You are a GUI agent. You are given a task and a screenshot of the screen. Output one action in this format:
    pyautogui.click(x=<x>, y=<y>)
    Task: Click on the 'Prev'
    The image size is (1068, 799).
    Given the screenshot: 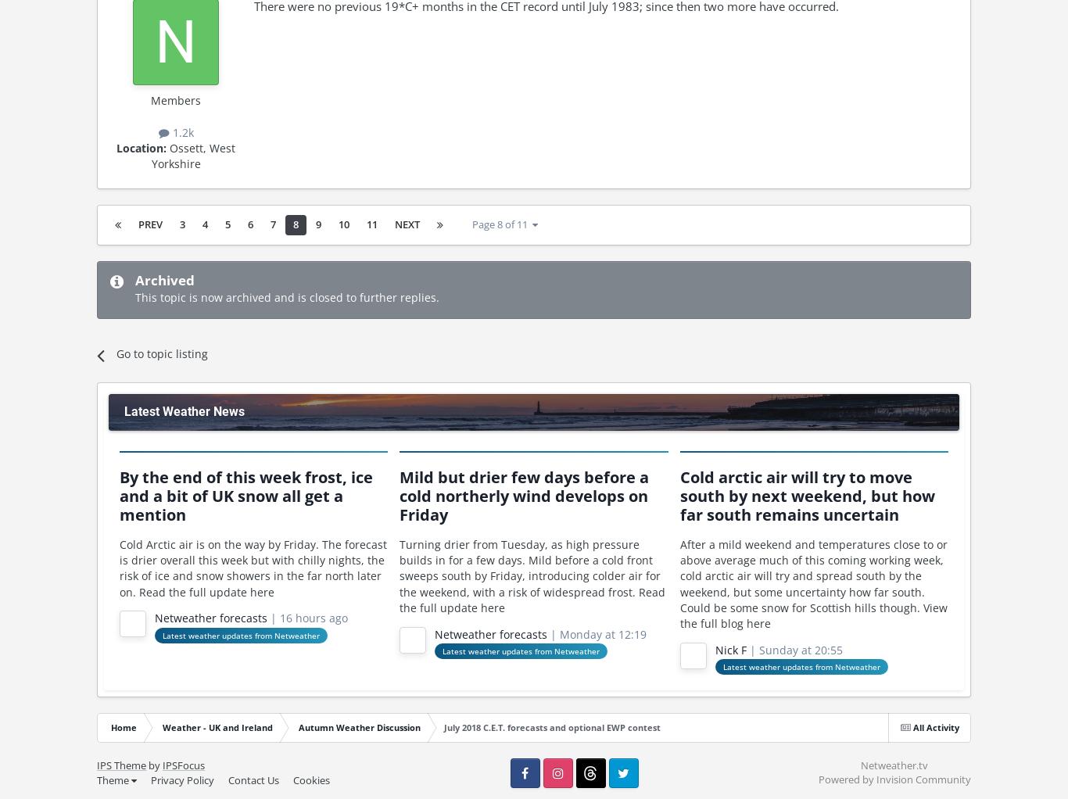 What is the action you would take?
    pyautogui.click(x=138, y=224)
    